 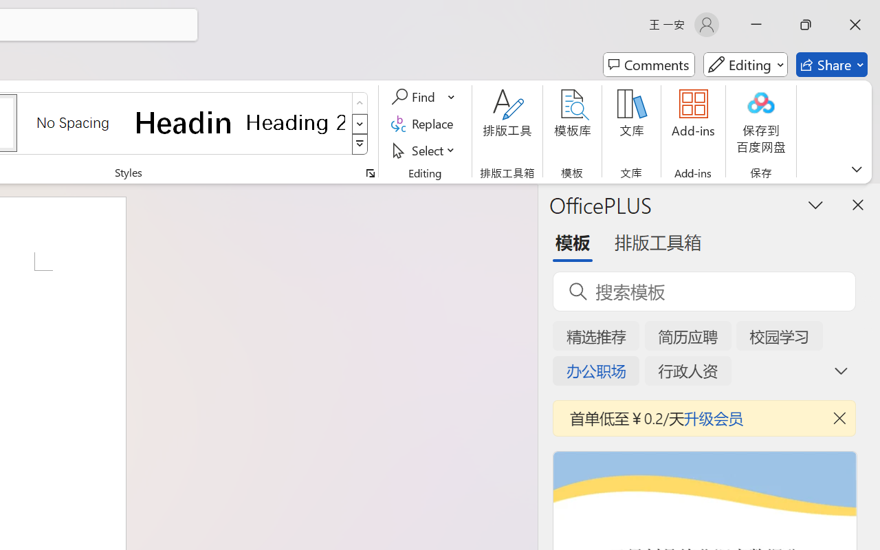 What do you see at coordinates (423, 123) in the screenshot?
I see `'Replace...'` at bounding box center [423, 123].